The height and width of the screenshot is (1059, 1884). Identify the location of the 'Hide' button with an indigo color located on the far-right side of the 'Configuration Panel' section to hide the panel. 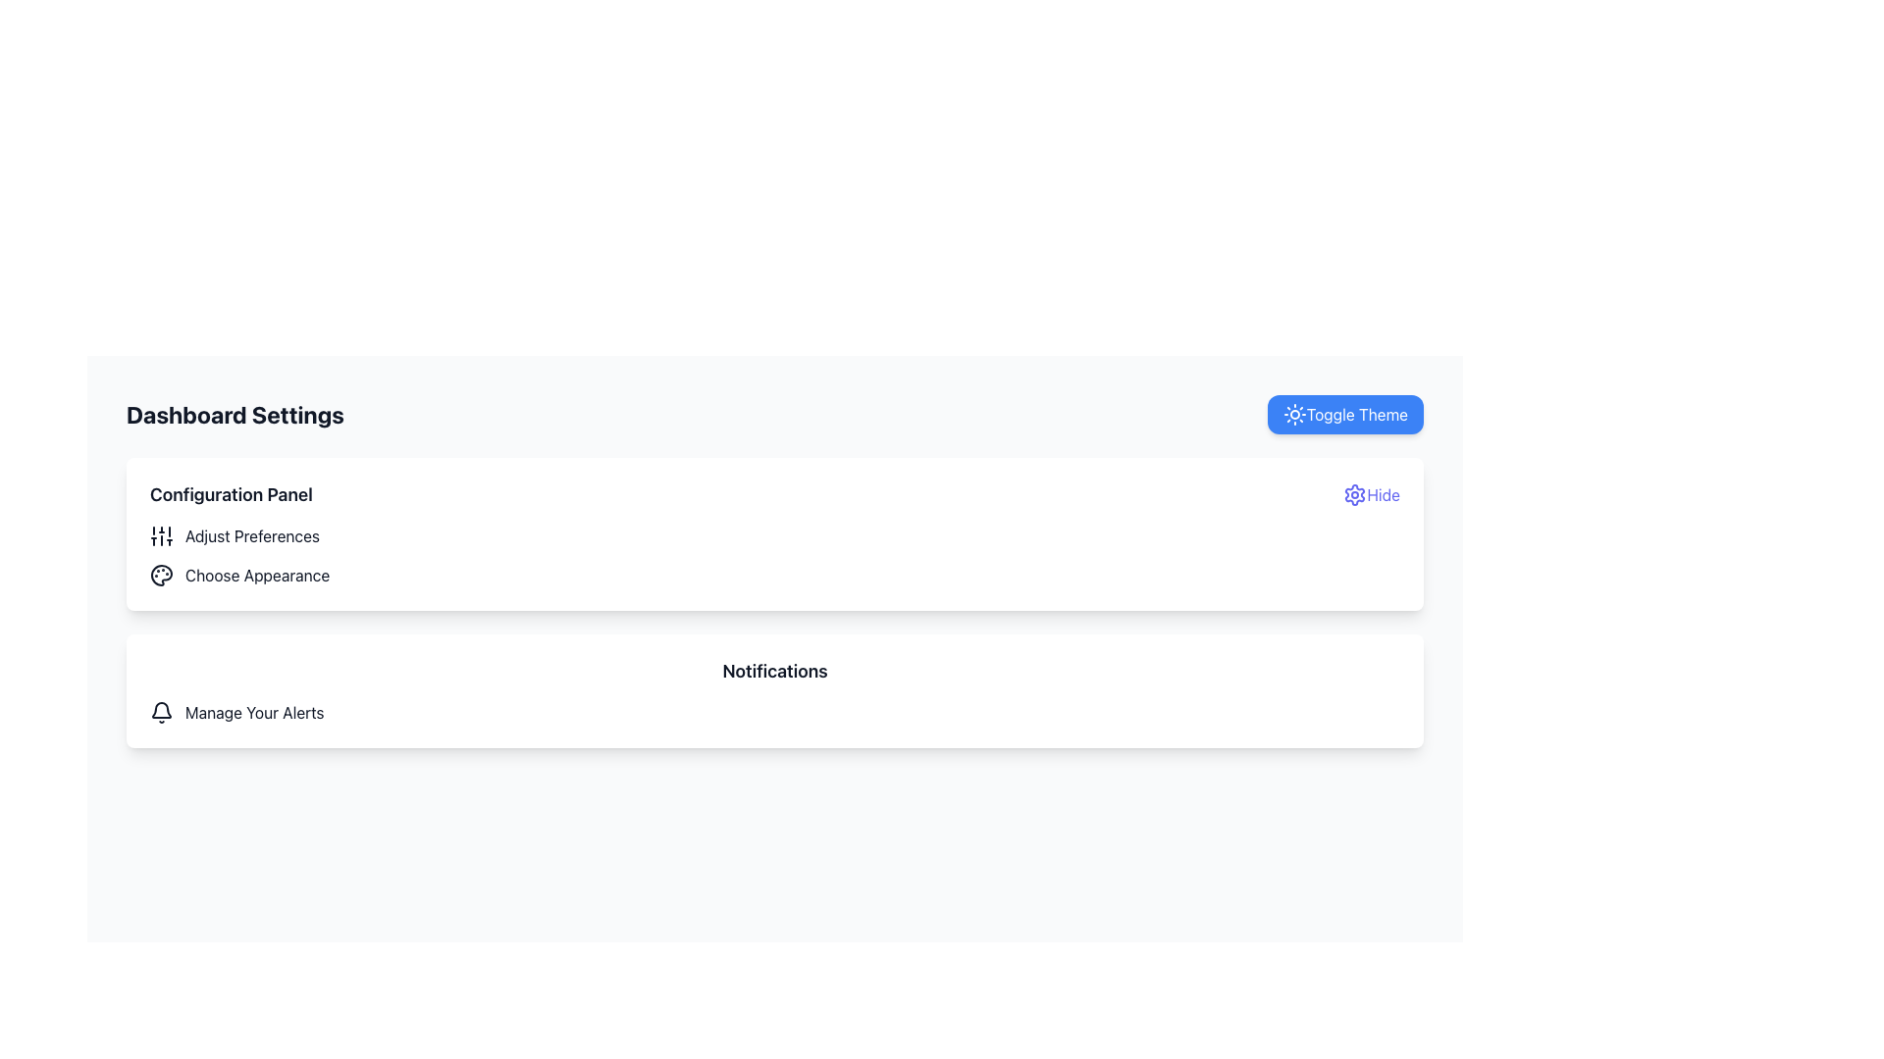
(1370, 494).